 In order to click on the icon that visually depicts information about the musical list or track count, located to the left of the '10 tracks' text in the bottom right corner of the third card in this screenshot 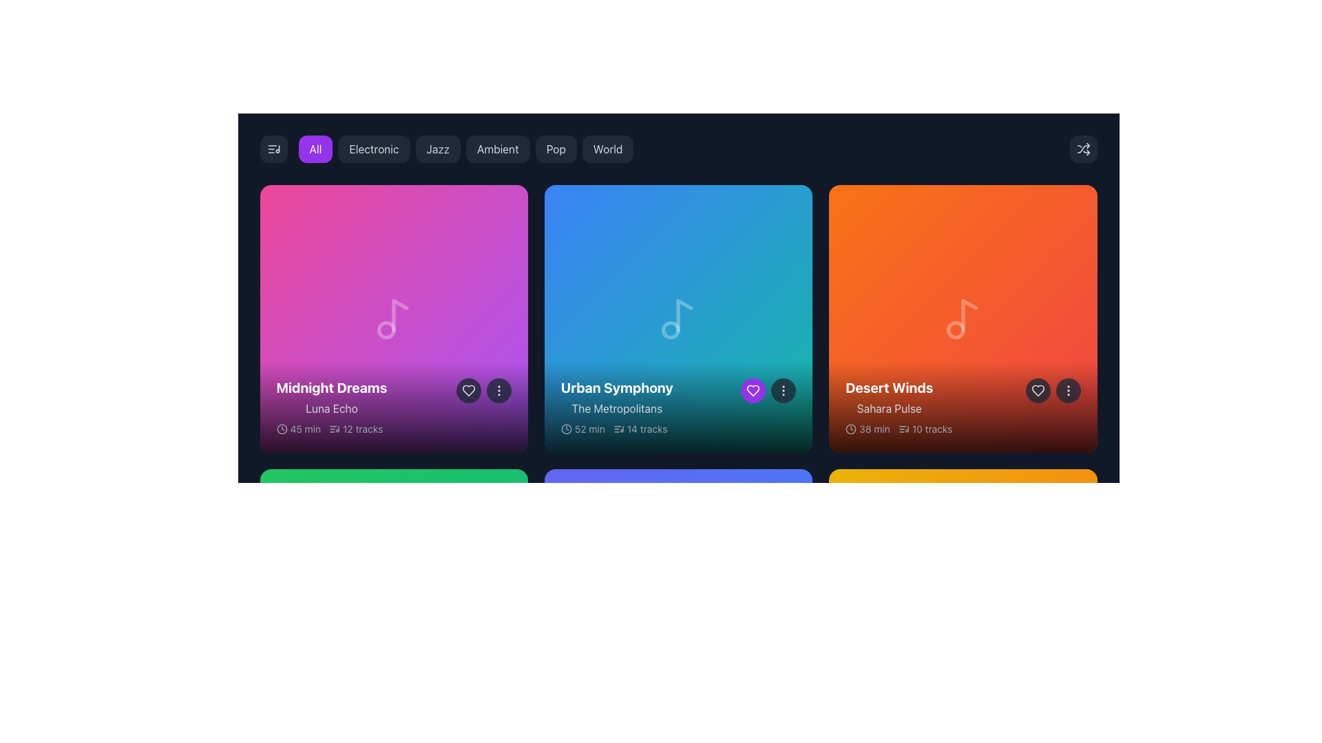, I will do `click(903, 429)`.